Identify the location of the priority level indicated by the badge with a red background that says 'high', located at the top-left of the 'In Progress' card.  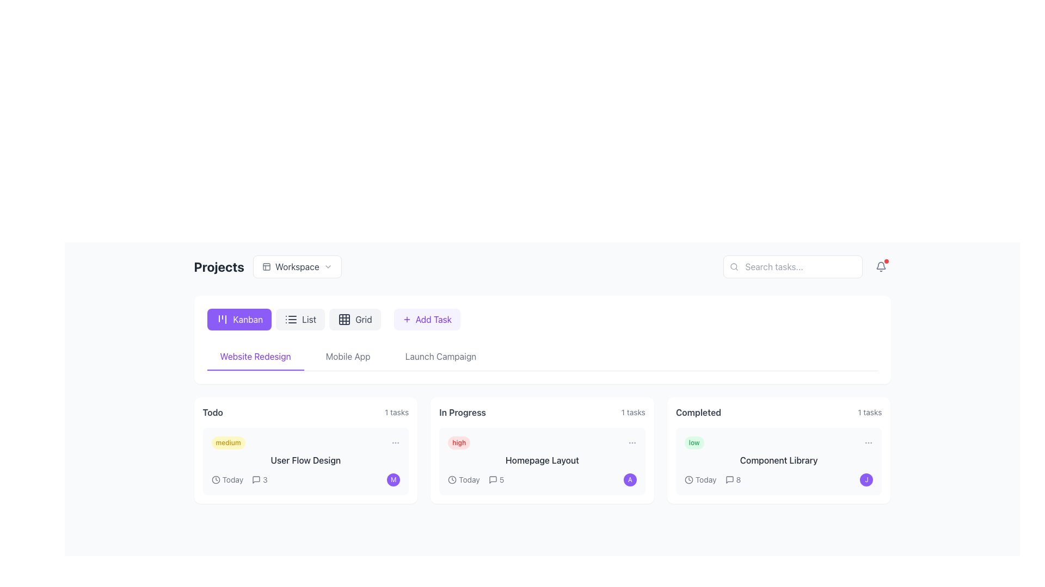
(542, 442).